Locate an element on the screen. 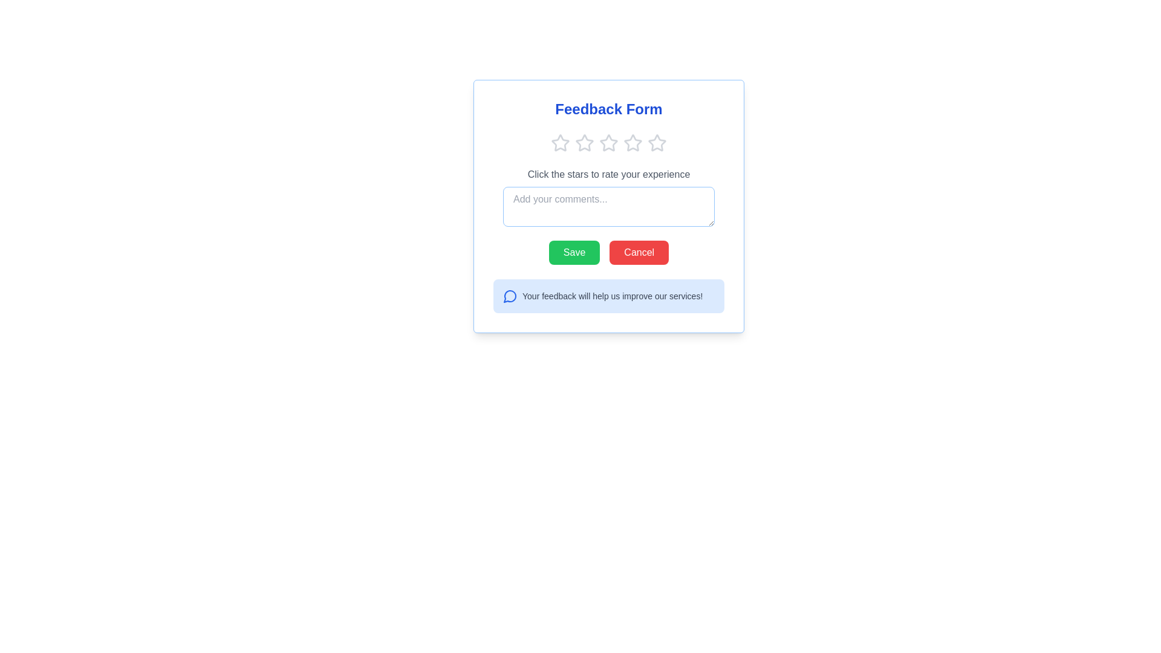  the first star icon is located at coordinates (559, 142).